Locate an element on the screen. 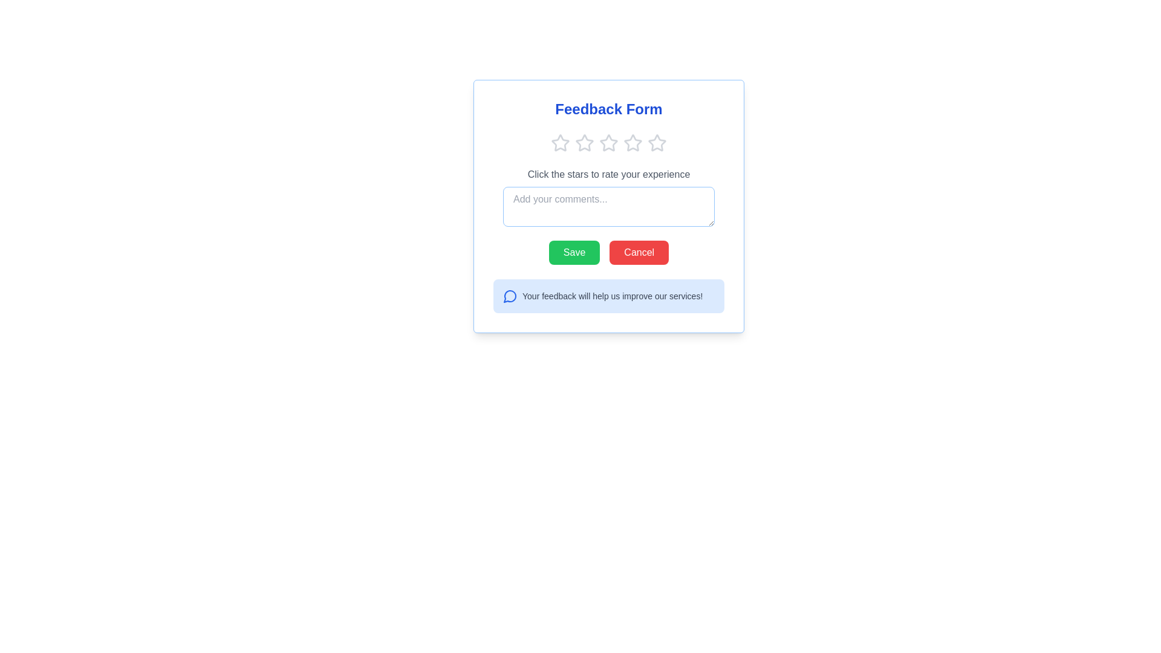  the first star icon is located at coordinates (559, 142).